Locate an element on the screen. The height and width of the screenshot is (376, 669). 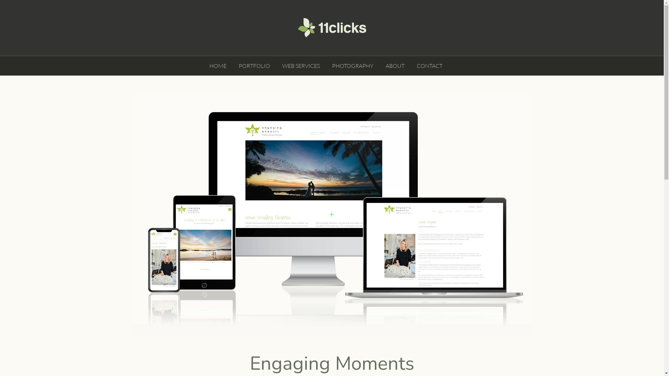
'ABOUT' is located at coordinates (384, 66).